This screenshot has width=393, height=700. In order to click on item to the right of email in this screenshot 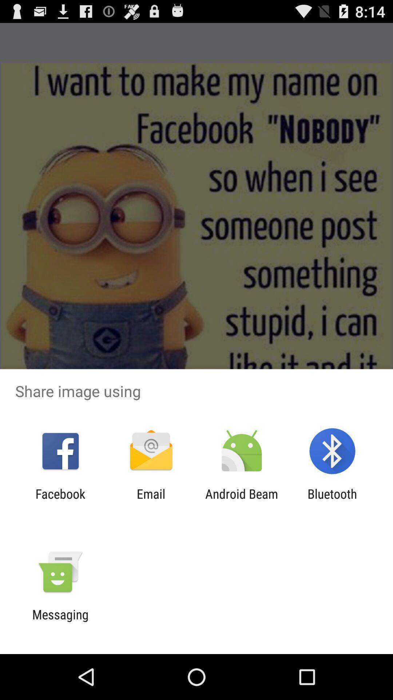, I will do `click(242, 501)`.